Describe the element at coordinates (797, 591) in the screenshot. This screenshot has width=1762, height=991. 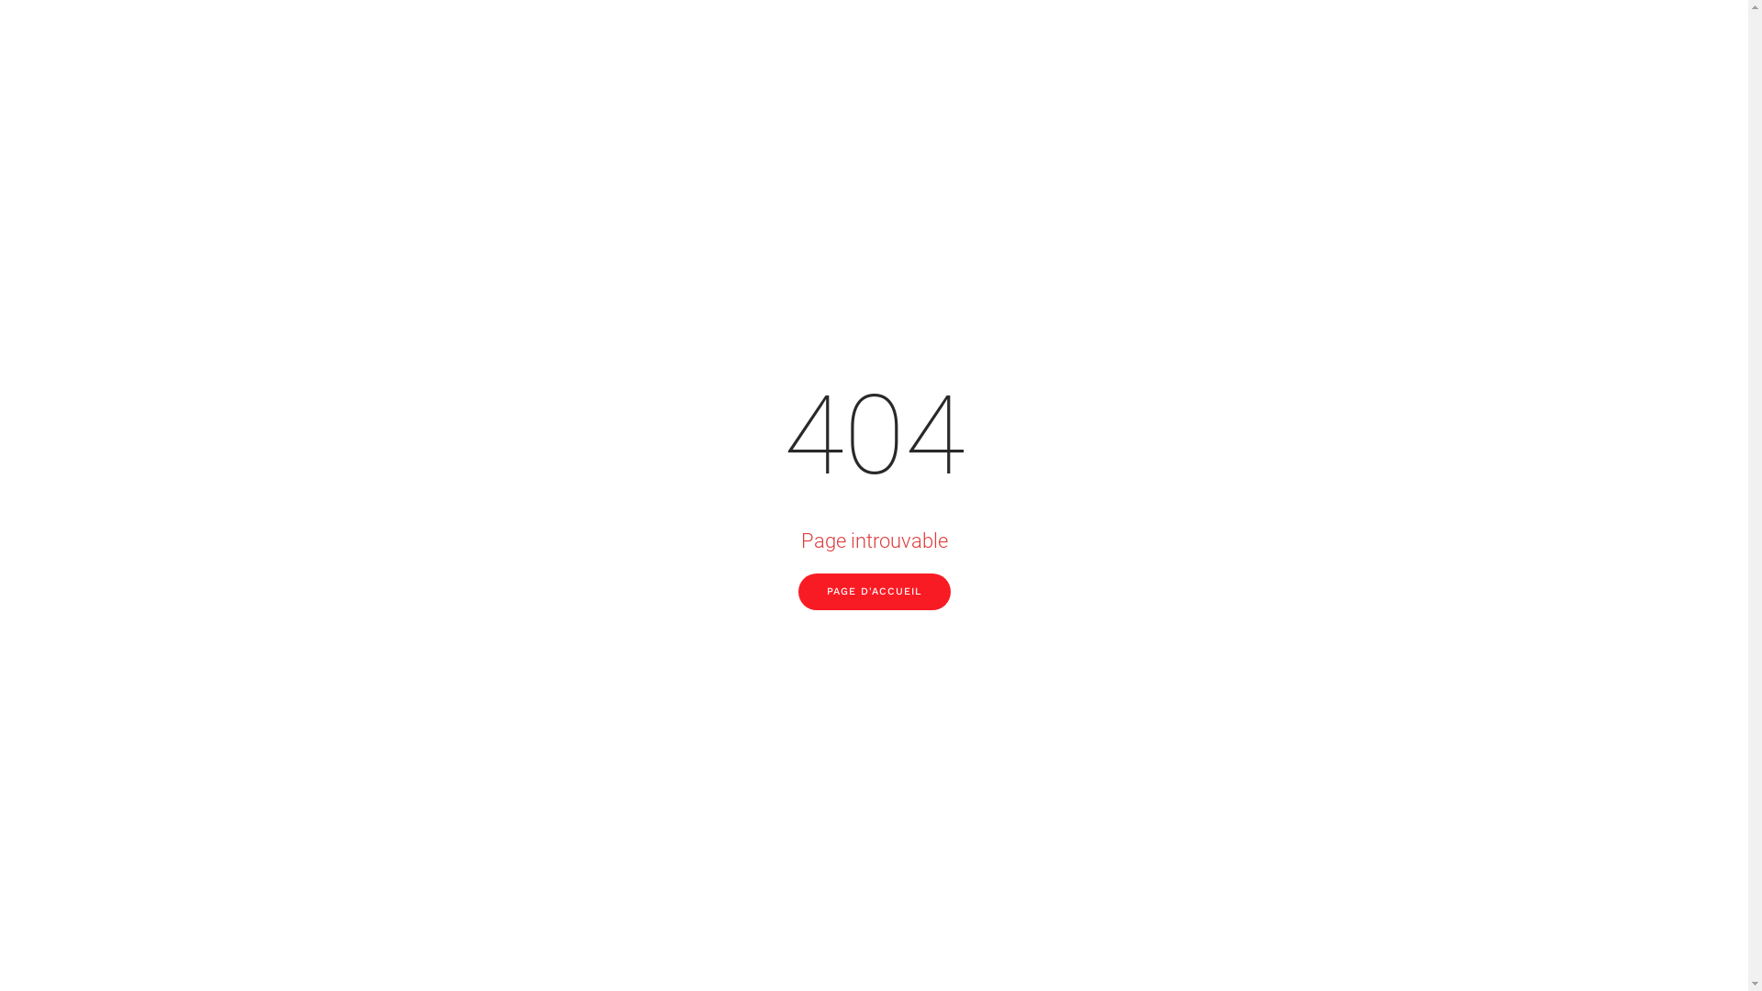
I see `'PAGE D'ACCUEIL'` at that location.